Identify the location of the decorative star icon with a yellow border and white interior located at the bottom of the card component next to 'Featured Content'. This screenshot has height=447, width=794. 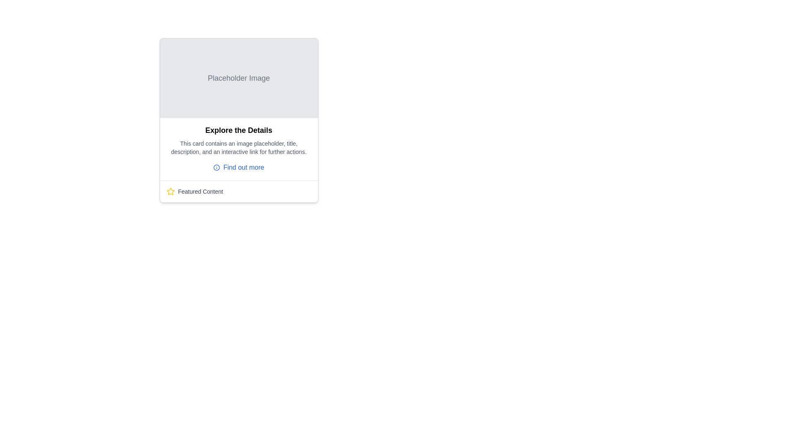
(170, 191).